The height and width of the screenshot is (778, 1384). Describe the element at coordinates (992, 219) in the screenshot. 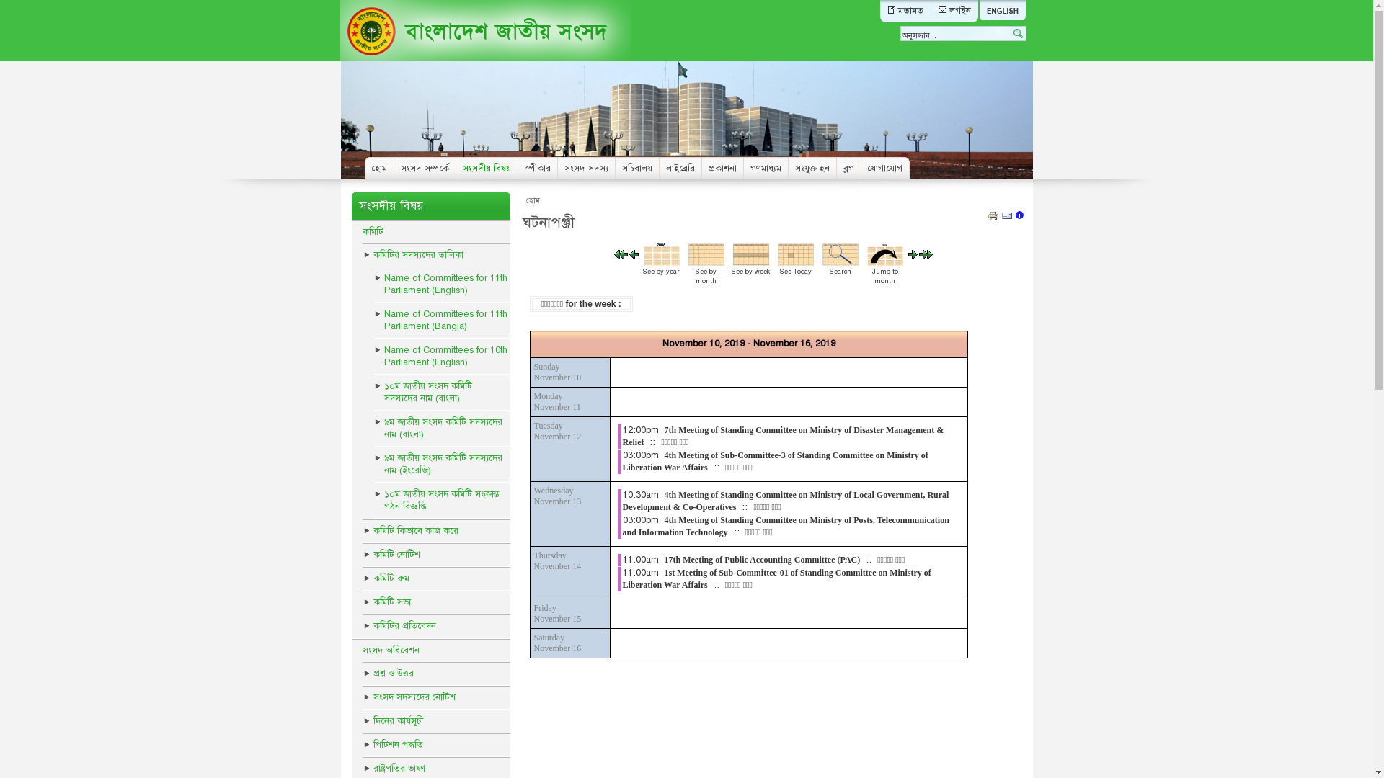

I see `'Print'` at that location.